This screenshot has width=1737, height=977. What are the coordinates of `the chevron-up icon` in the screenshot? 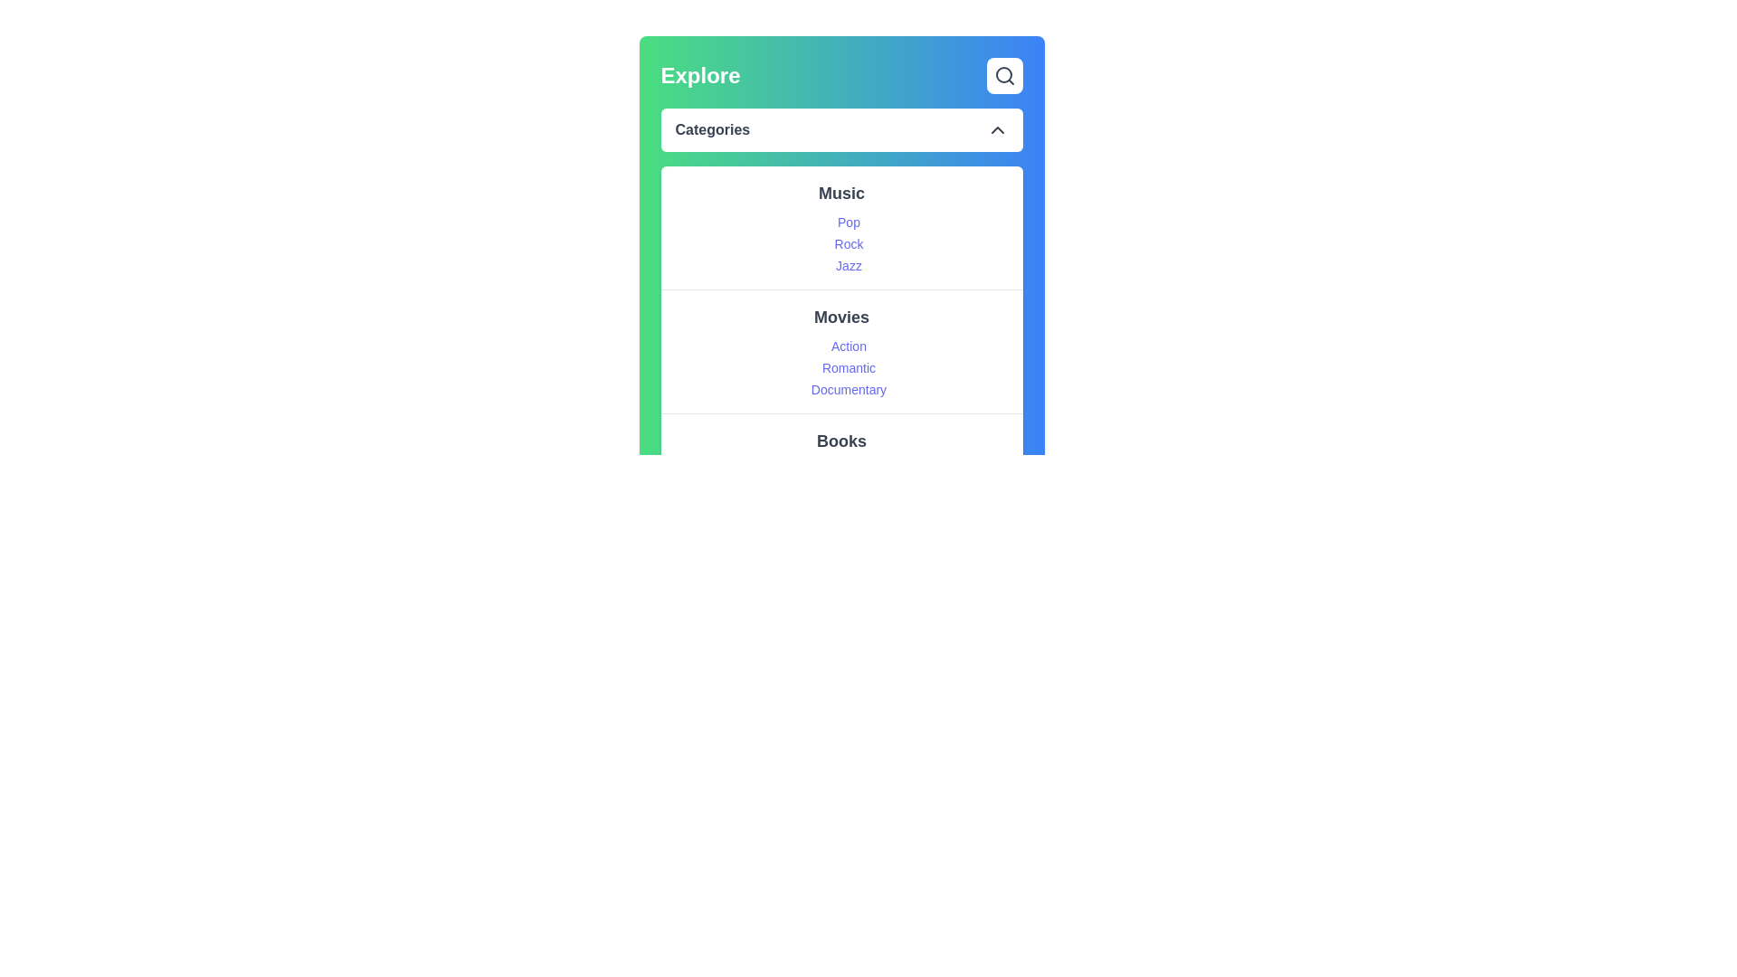 It's located at (996, 128).